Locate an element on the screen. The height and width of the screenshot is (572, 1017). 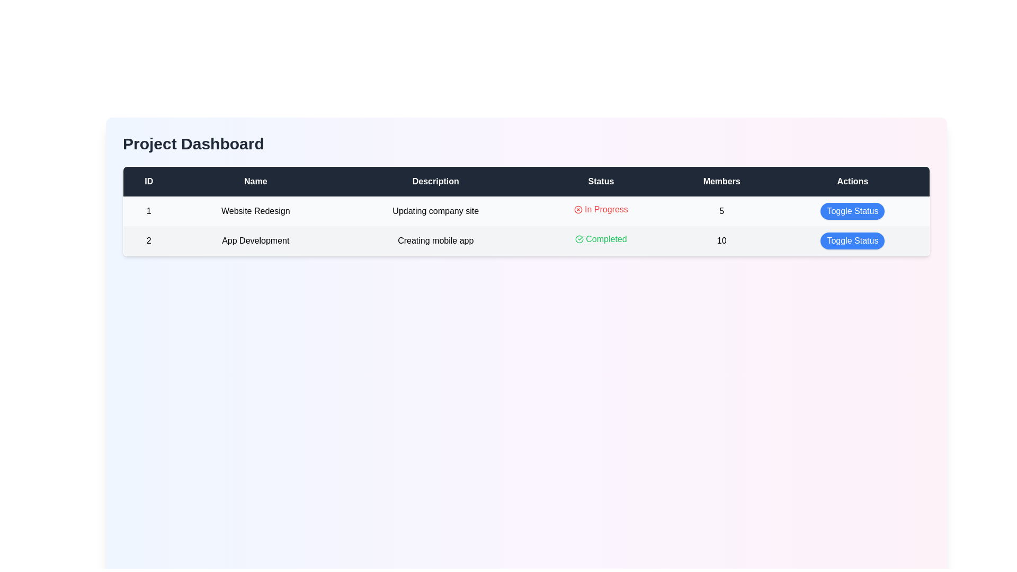
the header text of the project management dashboard located at the top left of the interface, which serves as the title for the dashboard is located at coordinates (193, 144).